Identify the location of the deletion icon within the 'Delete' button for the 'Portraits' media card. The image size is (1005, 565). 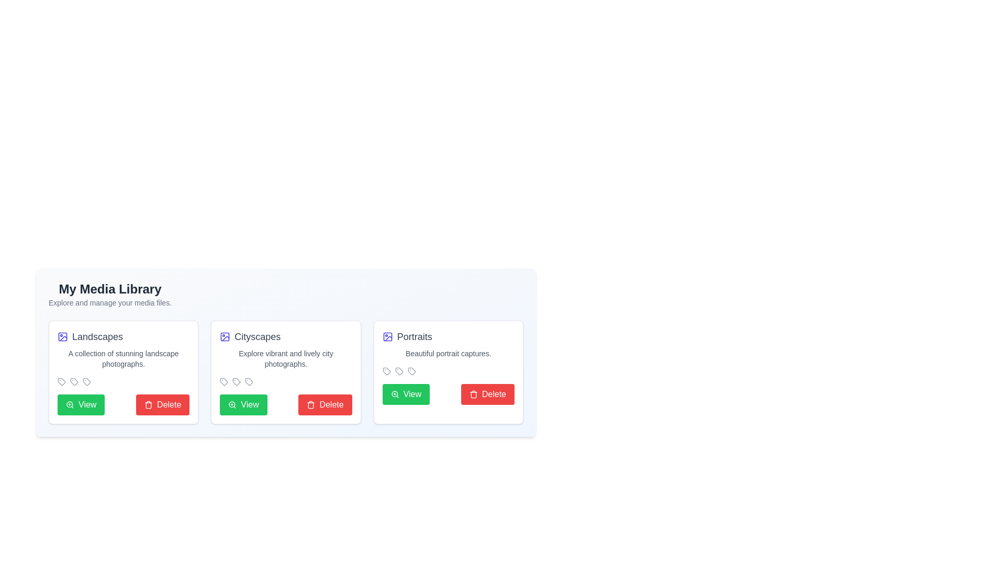
(473, 394).